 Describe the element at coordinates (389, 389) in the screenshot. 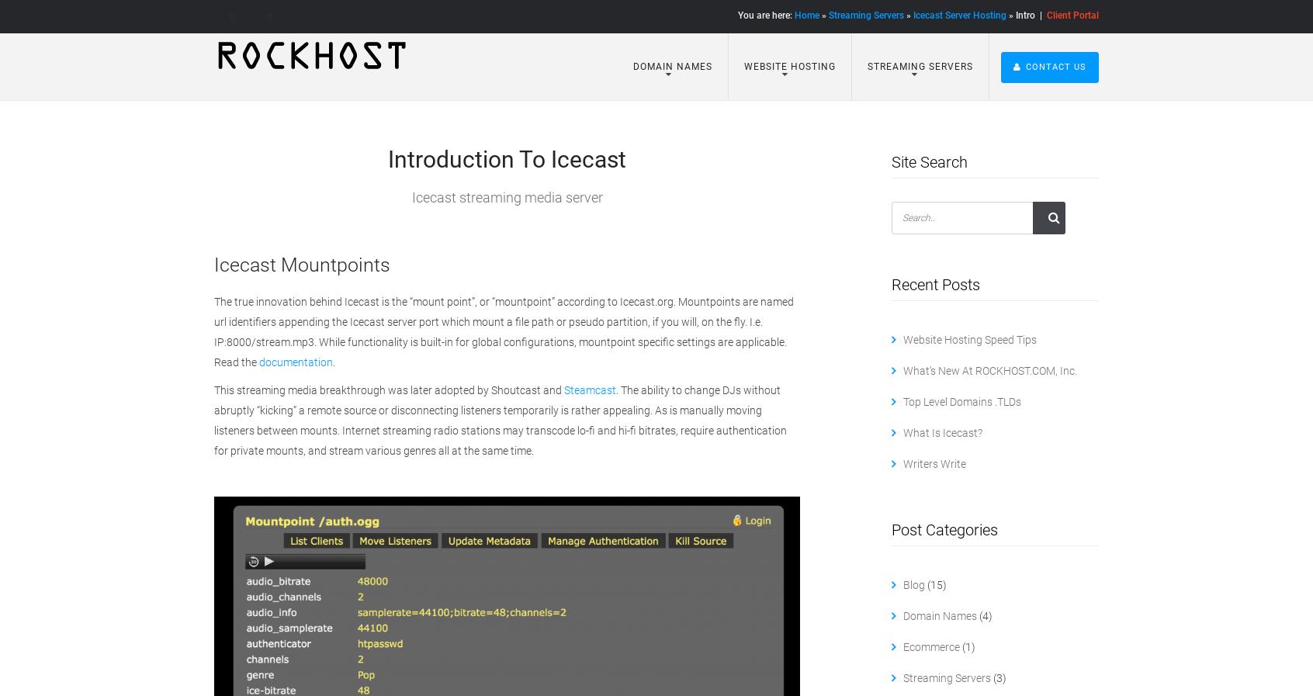

I see `'This streaming media breakthrough was later adopted by Shoutcast and'` at that location.